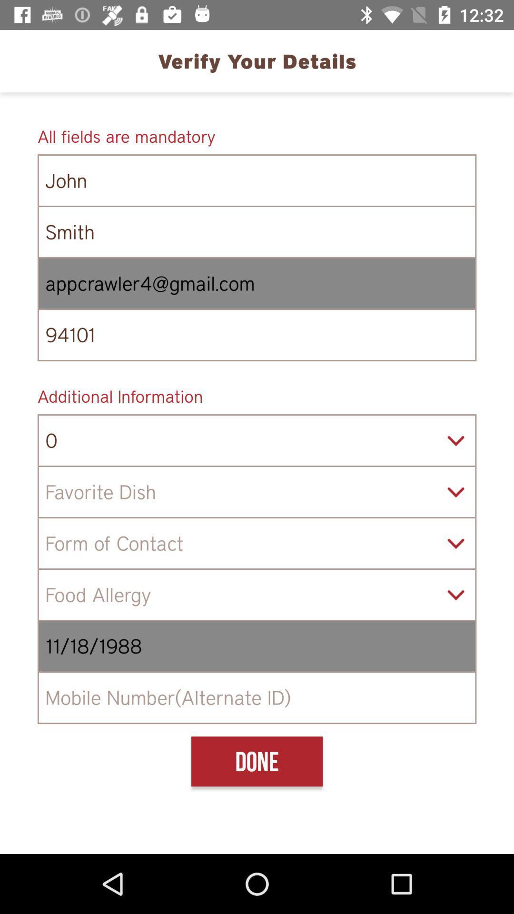 This screenshot has height=914, width=514. What do you see at coordinates (257, 396) in the screenshot?
I see `additional information` at bounding box center [257, 396].